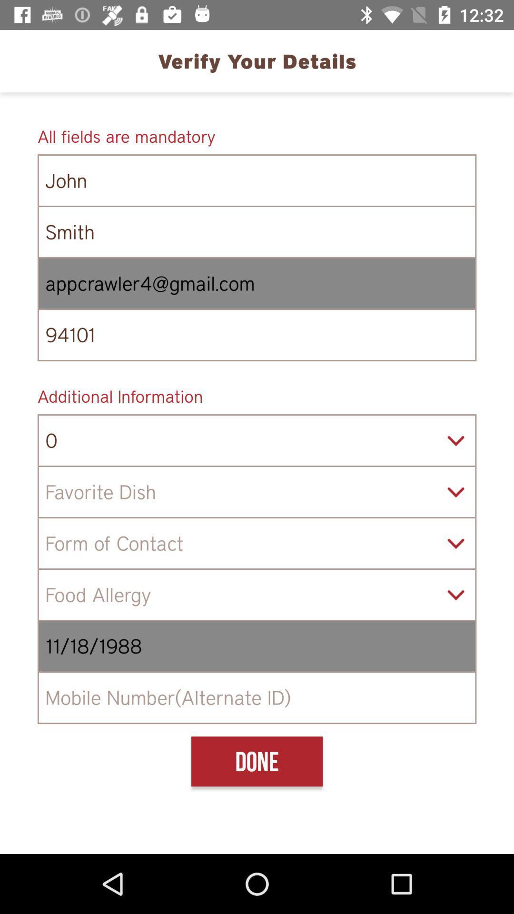 This screenshot has height=914, width=514. What do you see at coordinates (257, 396) in the screenshot?
I see `additional information` at bounding box center [257, 396].